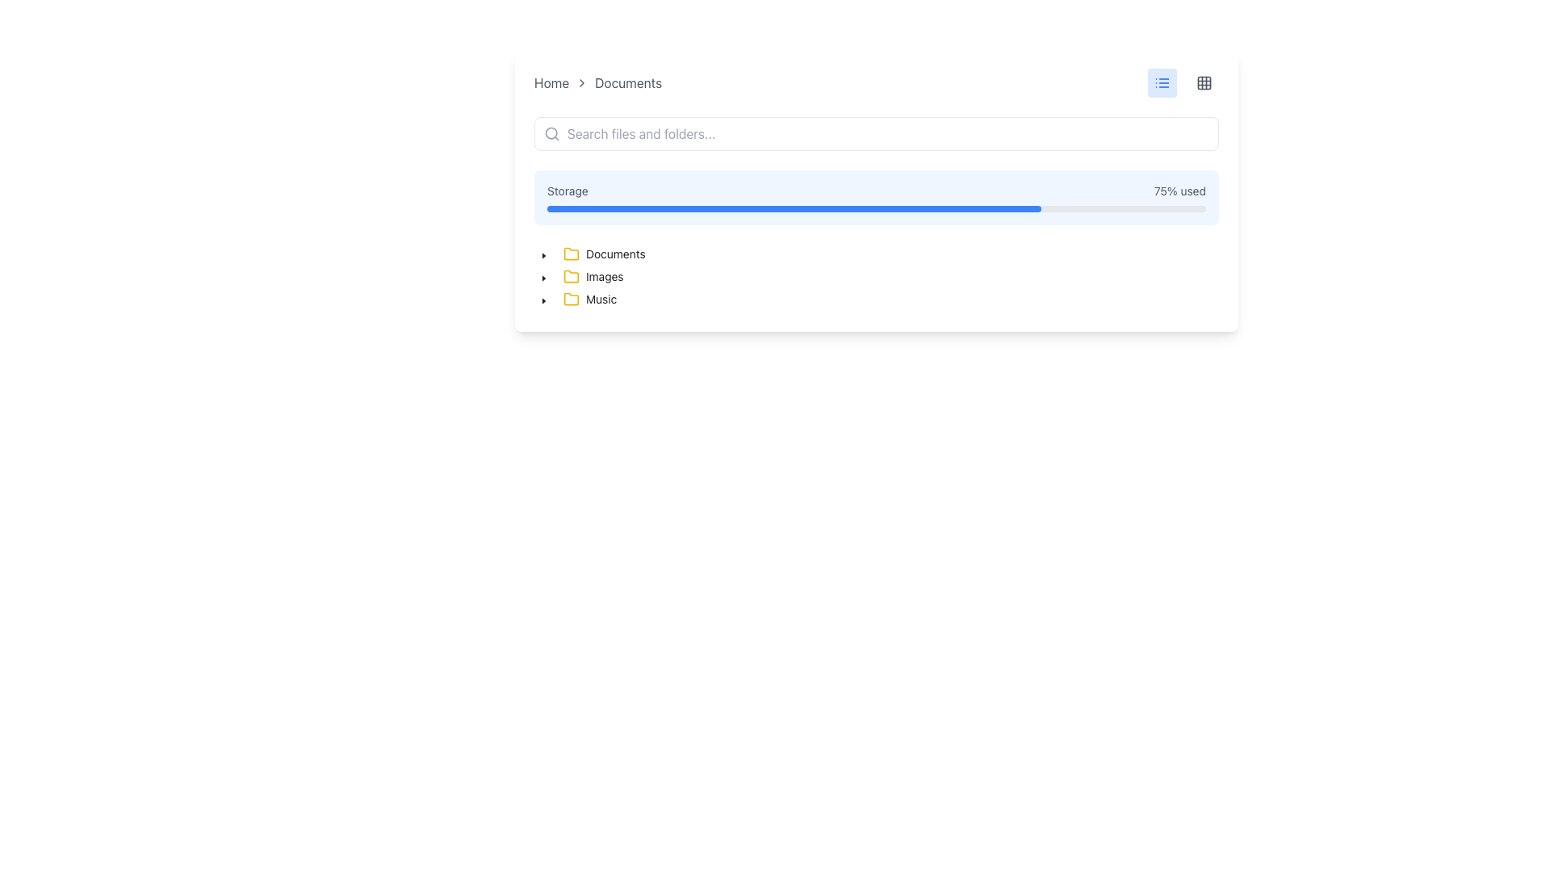  I want to click on the yellow folder icon representing the 'Images' folder in the file browser interface, so click(572, 275).